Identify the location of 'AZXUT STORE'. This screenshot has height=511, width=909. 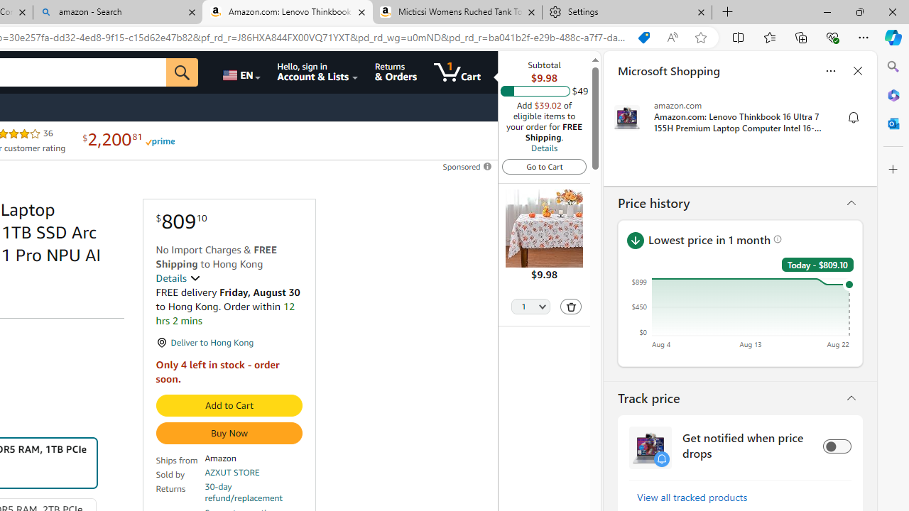
(232, 472).